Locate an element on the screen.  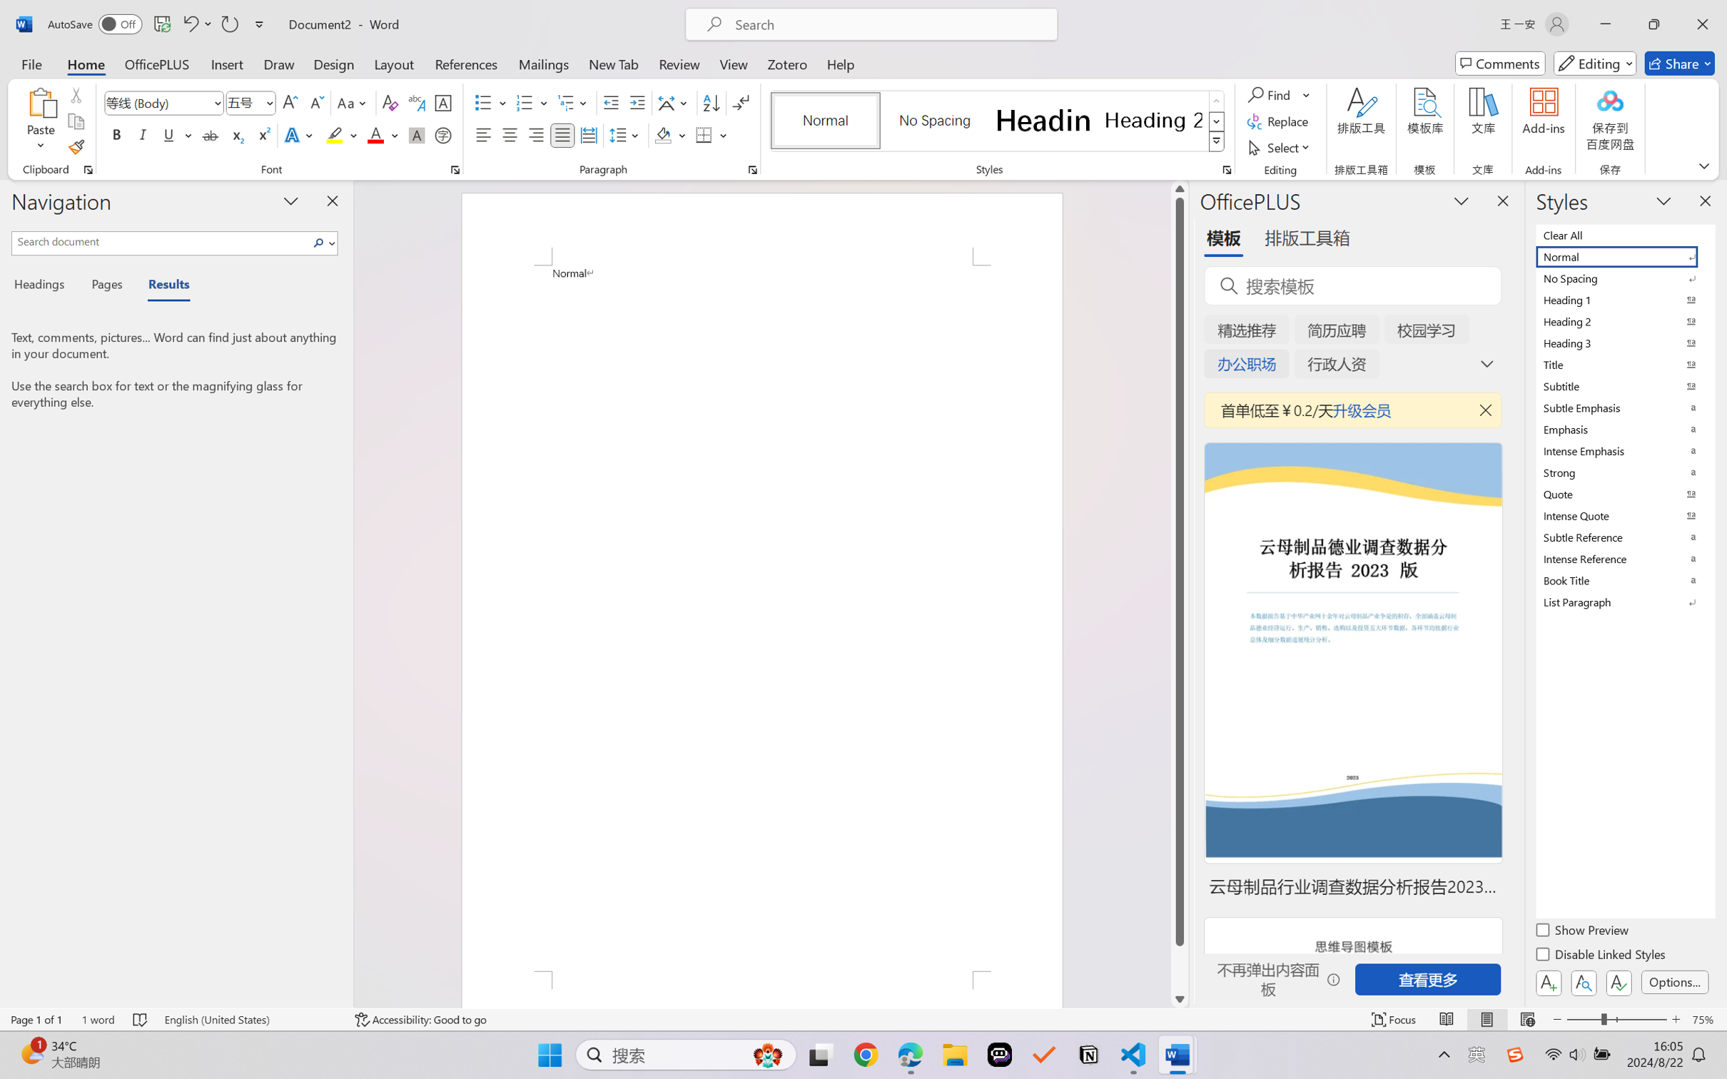
'Results' is located at coordinates (161, 286).